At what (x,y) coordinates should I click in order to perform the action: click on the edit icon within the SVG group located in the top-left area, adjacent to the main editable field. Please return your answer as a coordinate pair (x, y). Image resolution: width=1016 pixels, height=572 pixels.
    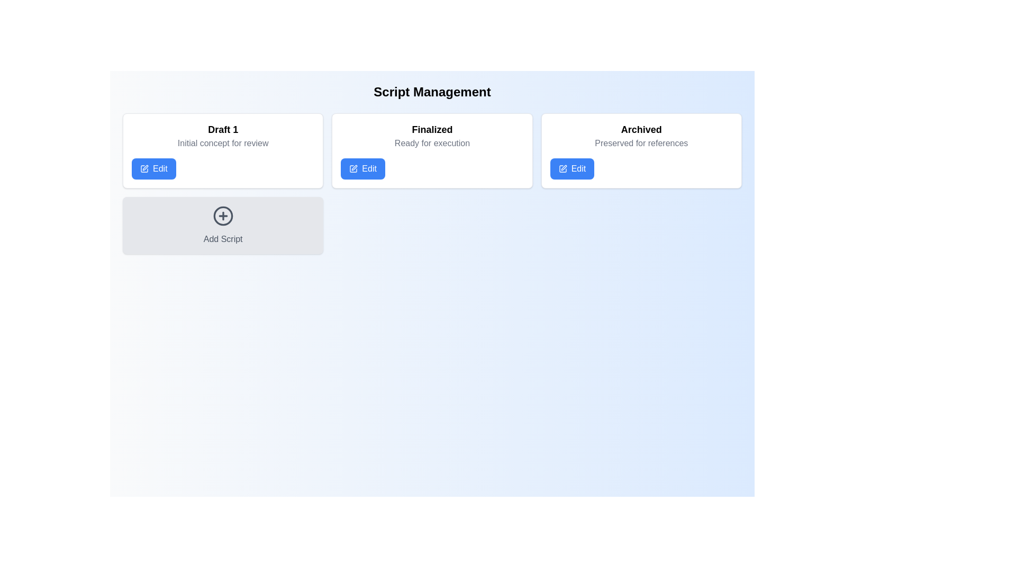
    Looking at the image, I should click on (355, 167).